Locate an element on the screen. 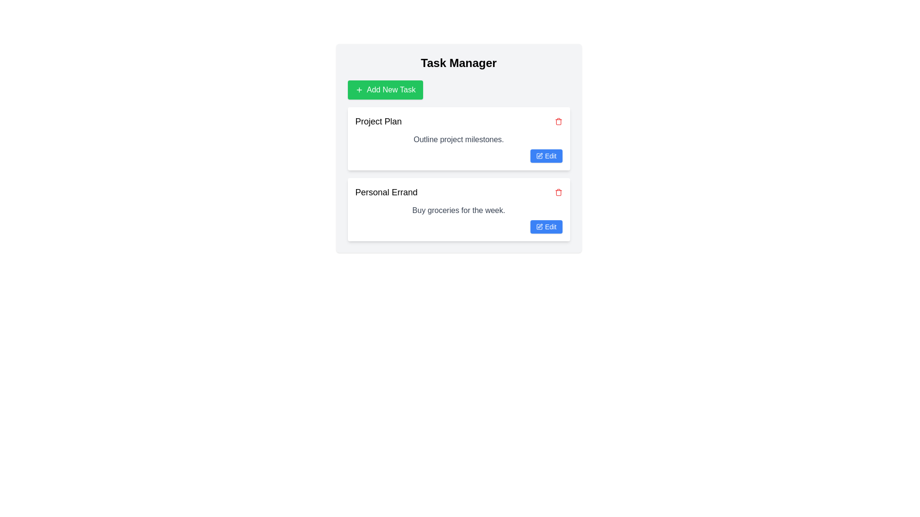 The height and width of the screenshot is (517, 920). the visual state of the small green plus icon located to the left of the 'Add New Task' text is located at coordinates (358, 90).